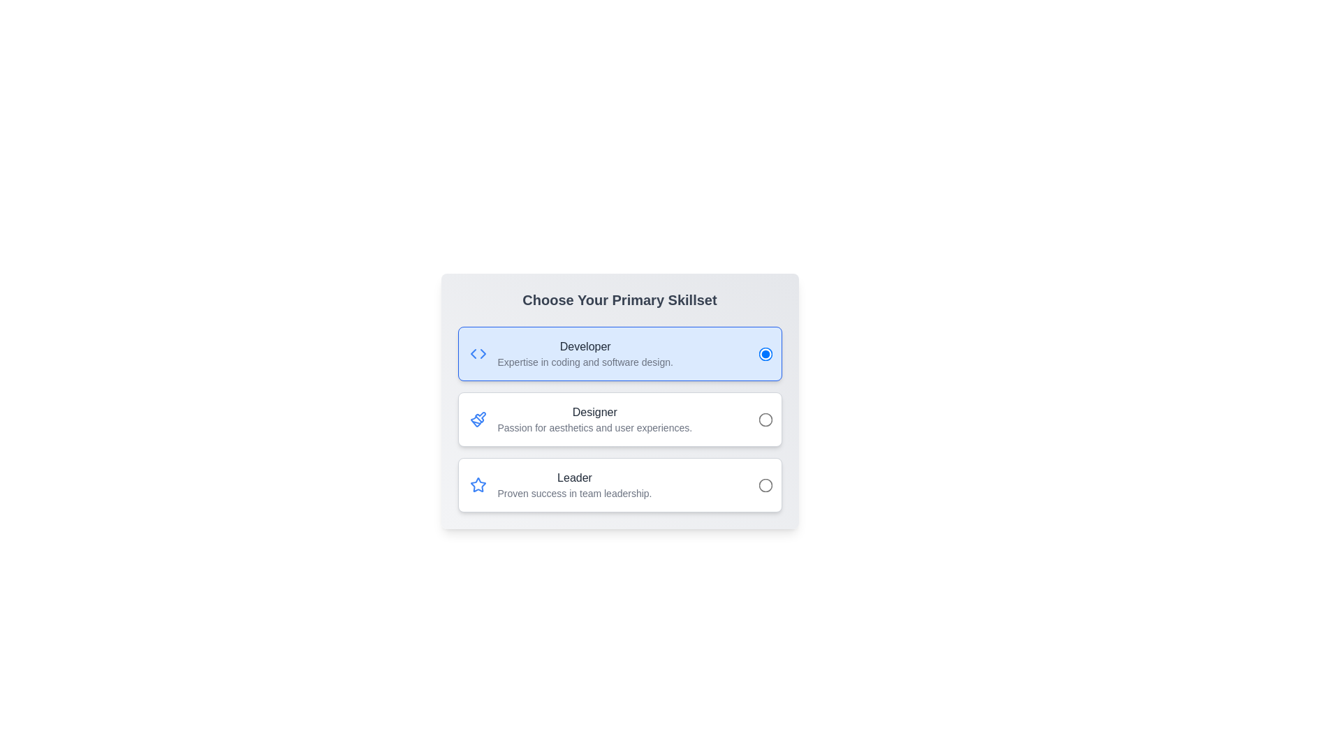  Describe the element at coordinates (585, 362) in the screenshot. I see `the static text label providing a detailed description of the skill 'Developer', located beneath the 'Developer' text within the 'Choose Your Primary Skillset' card` at that location.